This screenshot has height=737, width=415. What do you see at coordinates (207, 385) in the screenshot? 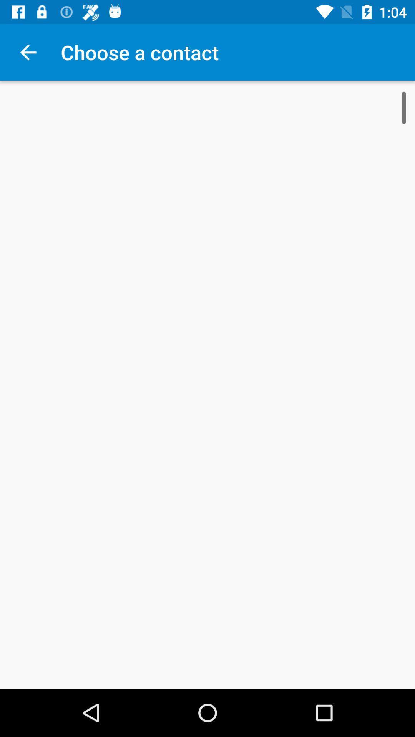
I see `the icon at the center` at bounding box center [207, 385].